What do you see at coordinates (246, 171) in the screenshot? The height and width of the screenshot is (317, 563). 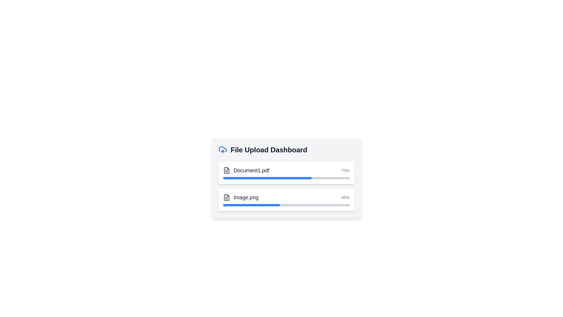 I see `the 'Document1.pdf' file item display to show the context menu with options such as download or delete` at bounding box center [246, 171].